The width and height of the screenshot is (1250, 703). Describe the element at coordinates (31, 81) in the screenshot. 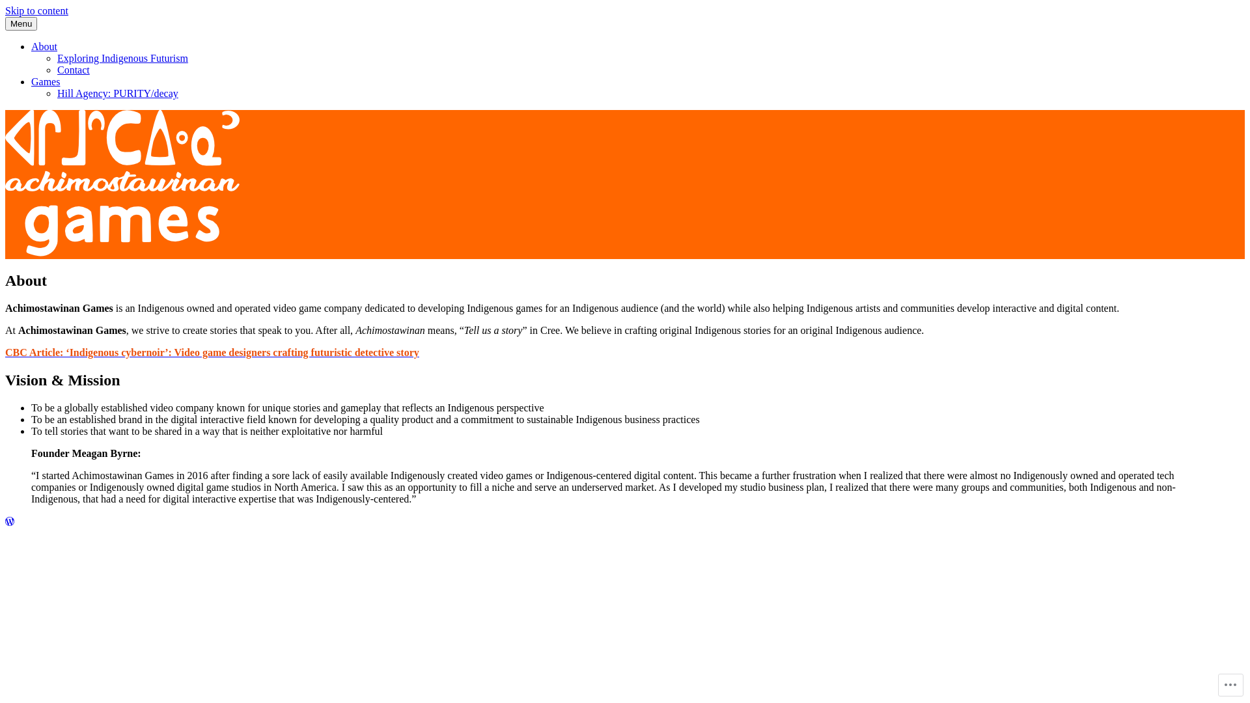

I see `'Games'` at that location.